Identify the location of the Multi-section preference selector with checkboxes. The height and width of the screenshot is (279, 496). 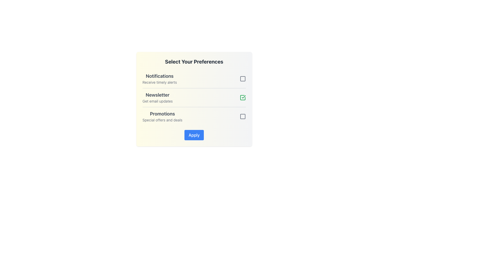
(194, 98).